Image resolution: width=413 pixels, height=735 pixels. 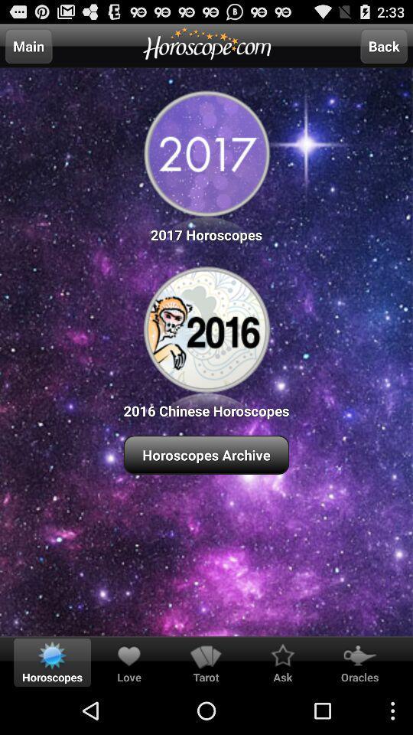 What do you see at coordinates (383, 45) in the screenshot?
I see `the back` at bounding box center [383, 45].